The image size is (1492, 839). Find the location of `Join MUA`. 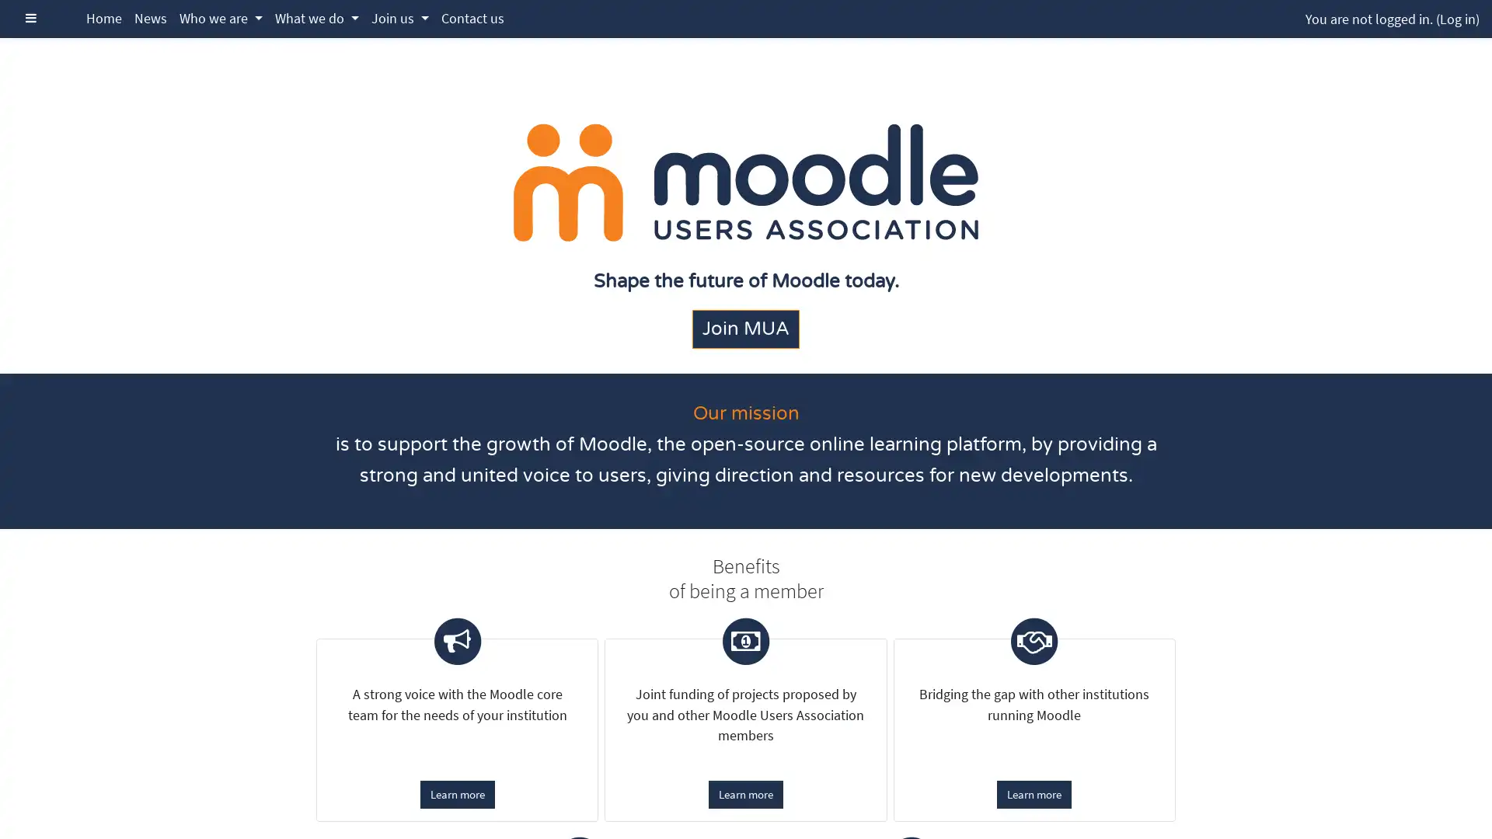

Join MUA is located at coordinates (746, 329).